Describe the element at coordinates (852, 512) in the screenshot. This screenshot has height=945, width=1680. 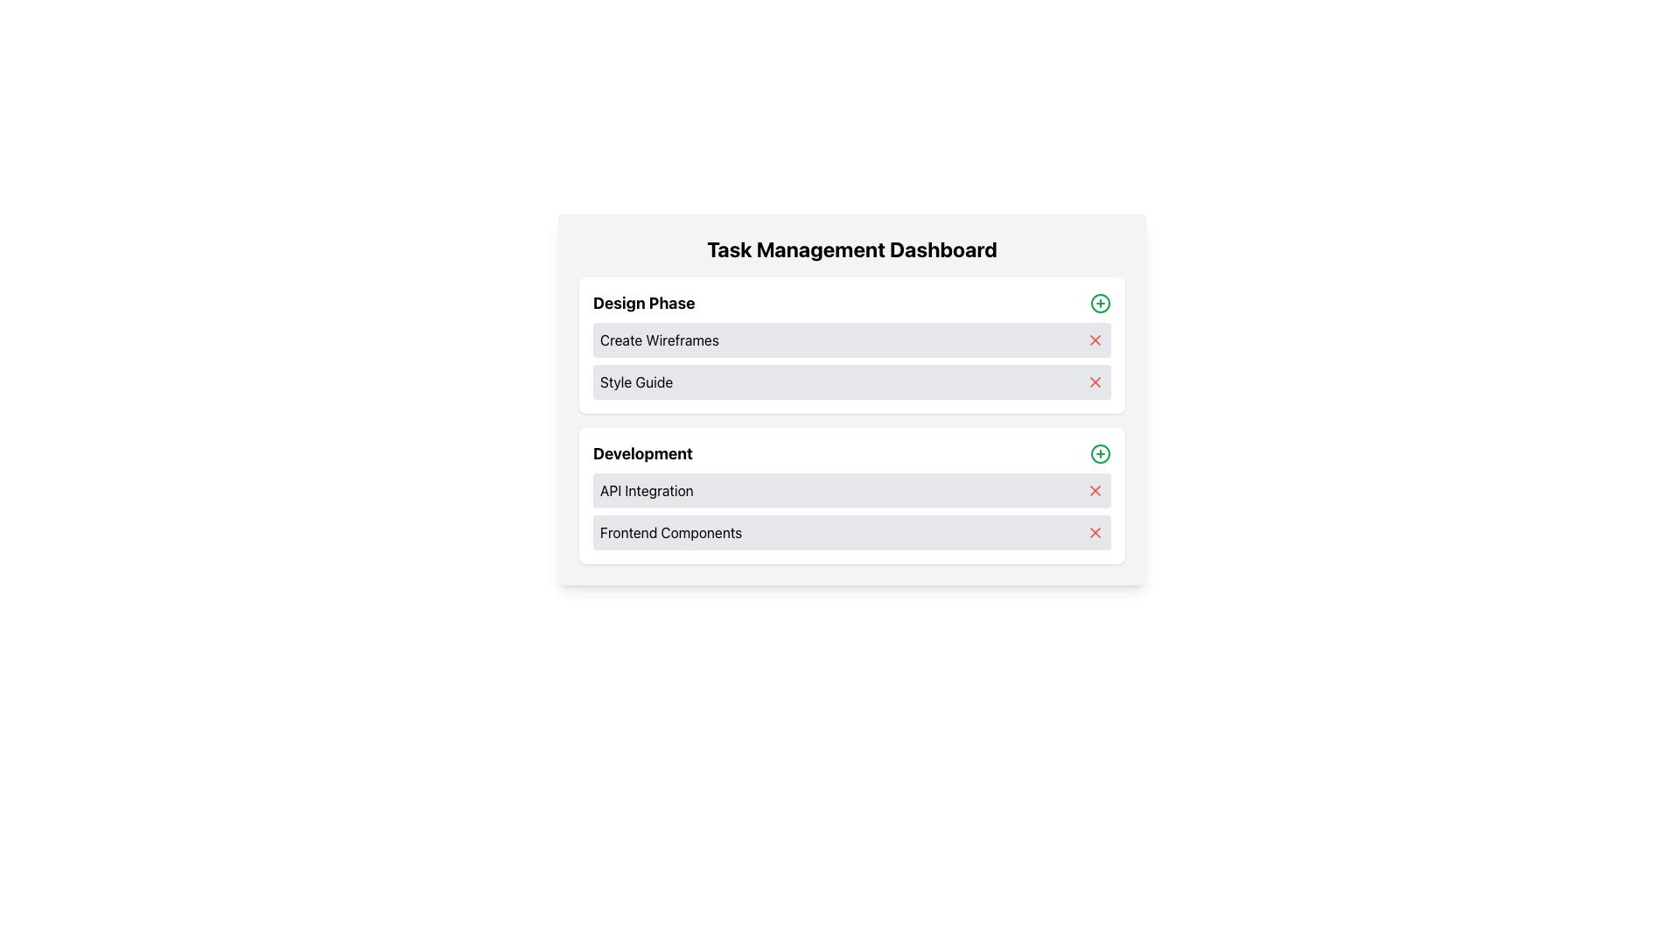
I see `the row in the 'Development' section of the Task Management Dashboard` at that location.